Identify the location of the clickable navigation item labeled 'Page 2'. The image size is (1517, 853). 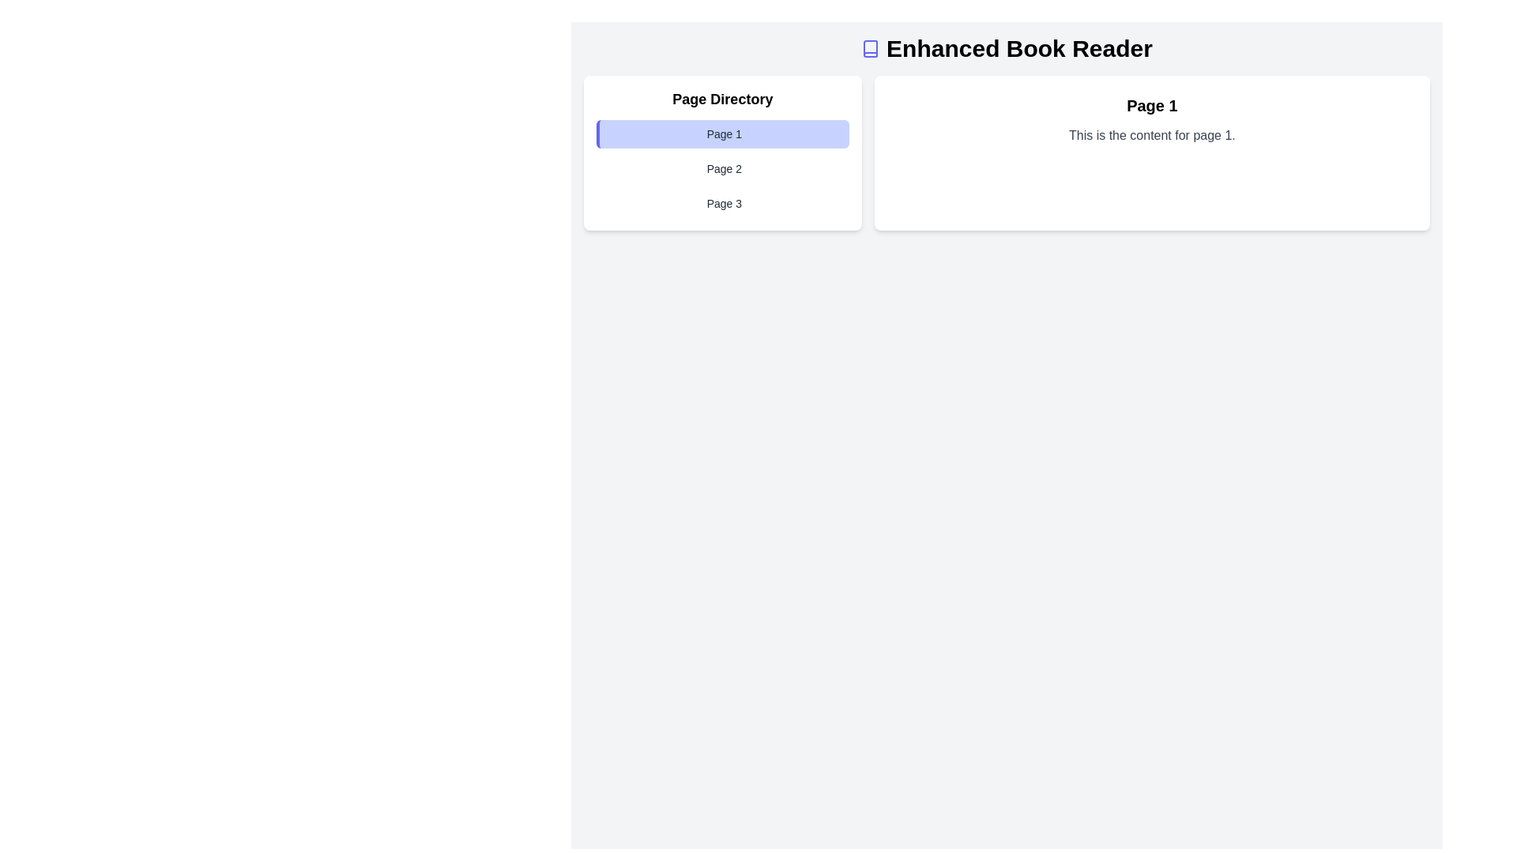
(721, 168).